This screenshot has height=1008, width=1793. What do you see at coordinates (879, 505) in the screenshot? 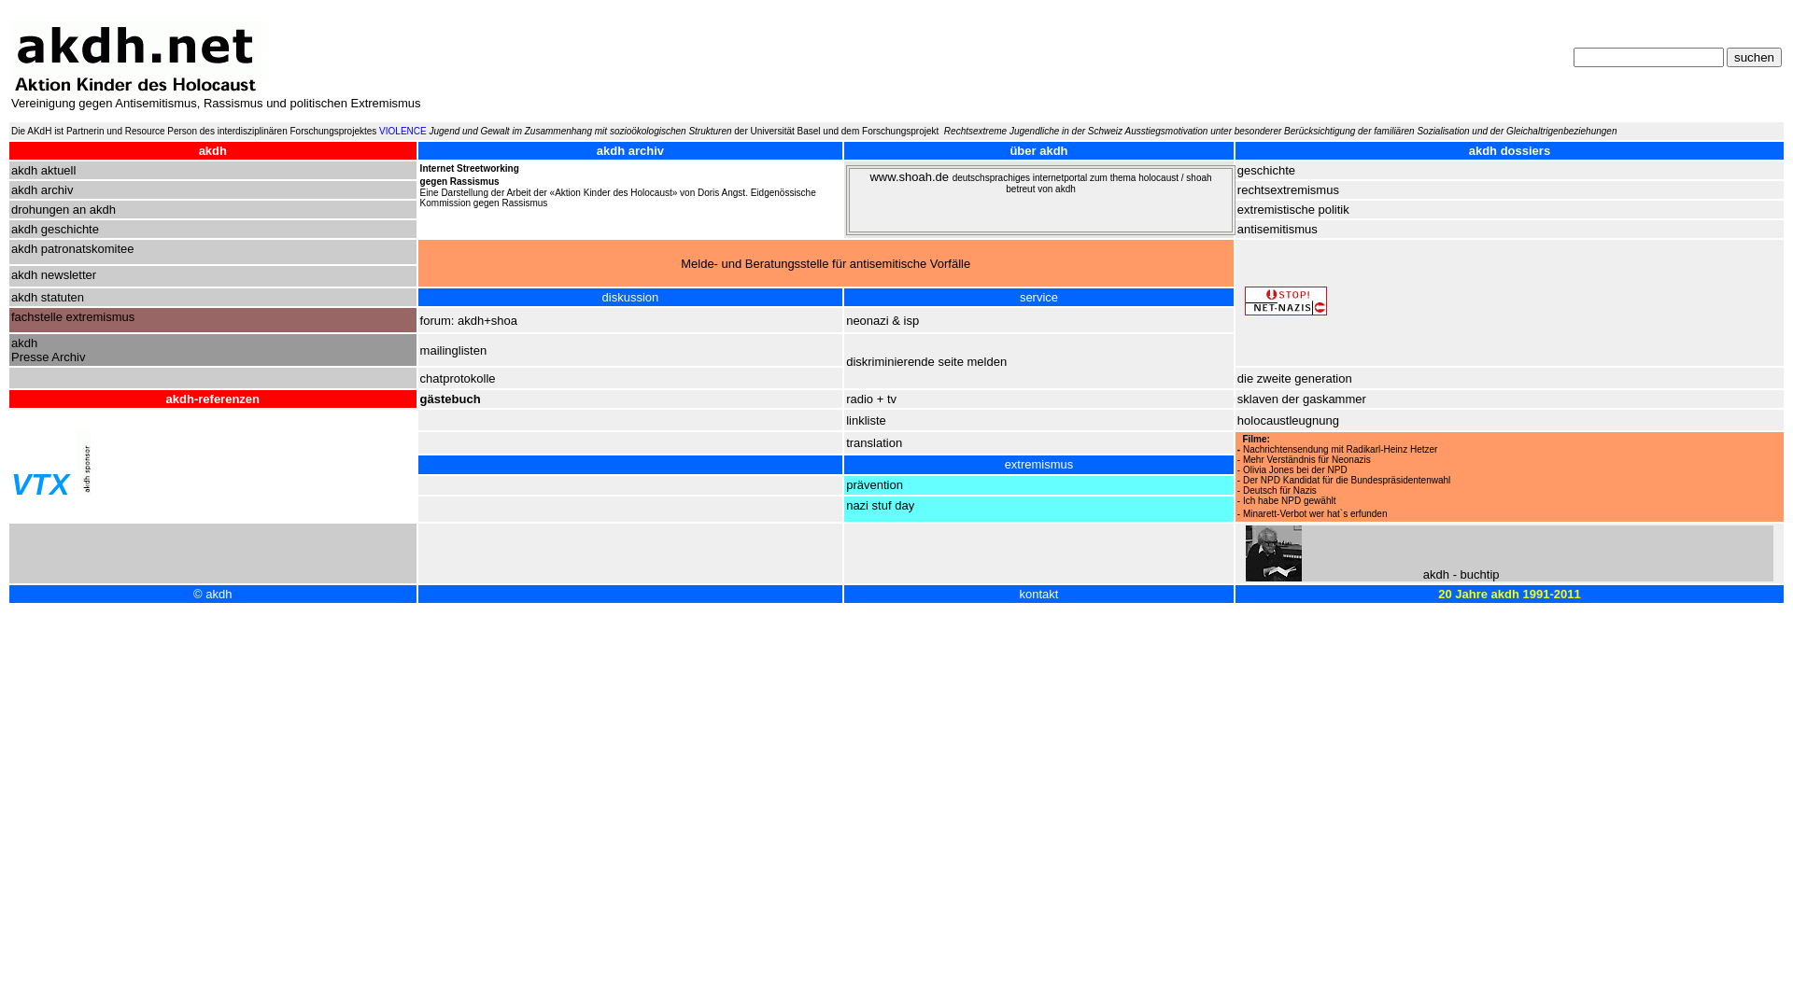
I see `'nazi stuf day'` at bounding box center [879, 505].